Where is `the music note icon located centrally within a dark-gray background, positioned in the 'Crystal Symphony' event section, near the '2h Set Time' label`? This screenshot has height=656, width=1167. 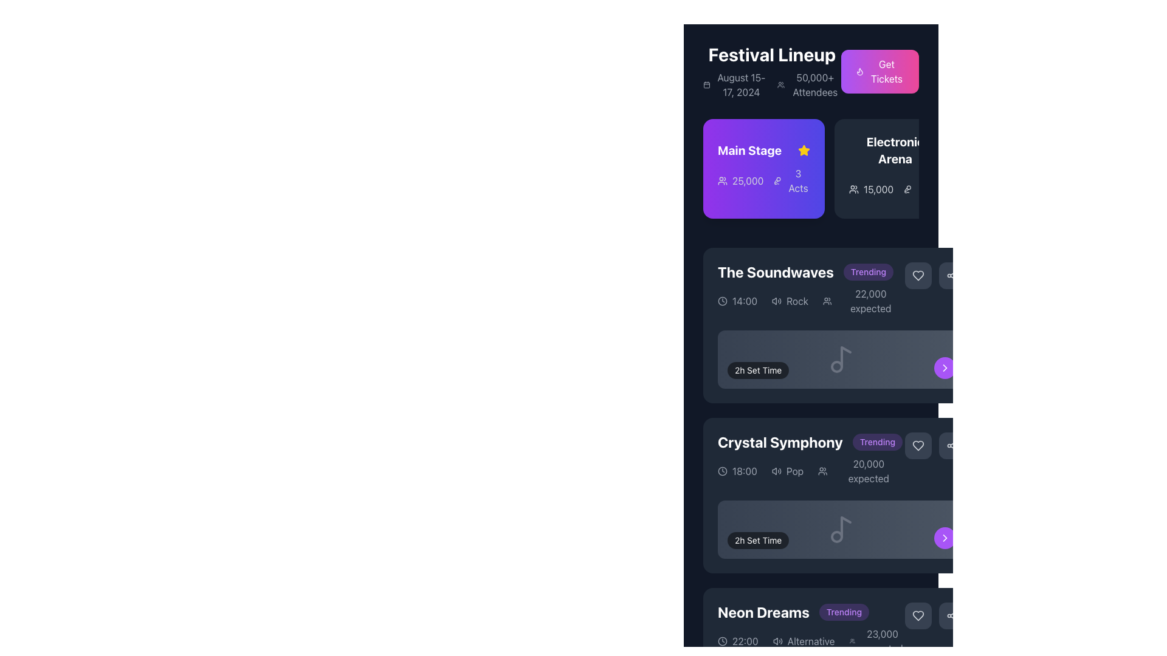 the music note icon located centrally within a dark-gray background, positioned in the 'Crystal Symphony' event section, near the '2h Set Time' label is located at coordinates (841, 528).